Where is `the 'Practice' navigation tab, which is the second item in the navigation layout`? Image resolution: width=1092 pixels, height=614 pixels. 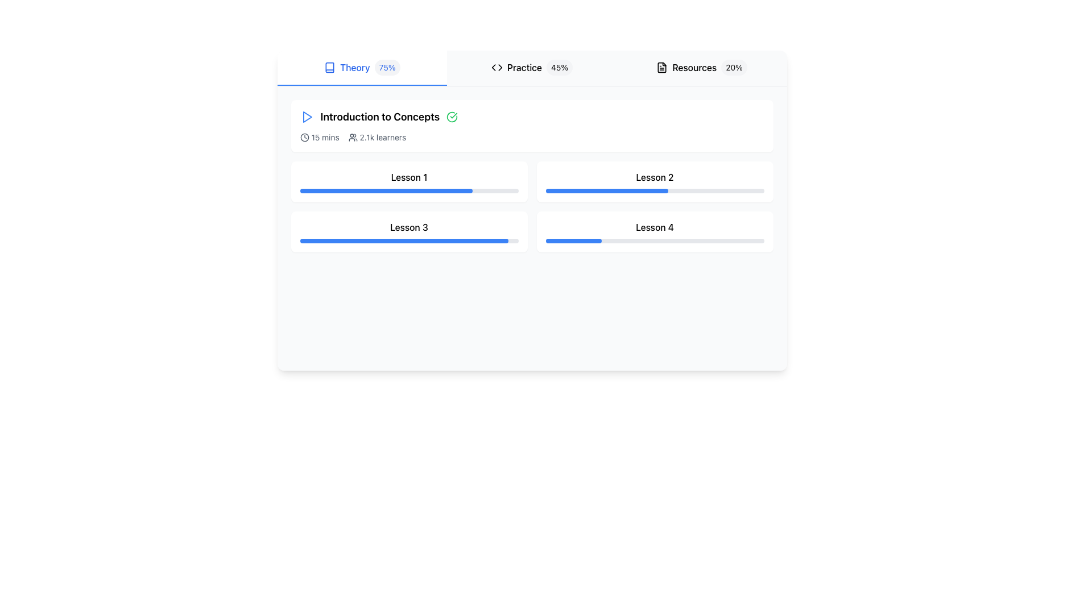
the 'Practice' navigation tab, which is the second item in the navigation layout is located at coordinates (531, 68).